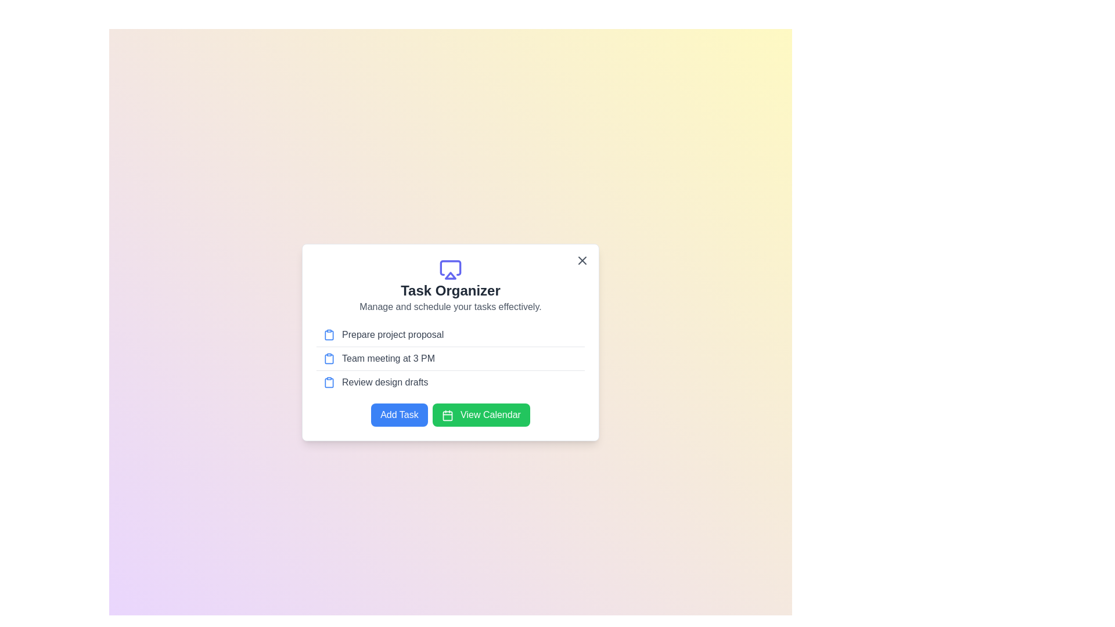 The width and height of the screenshot is (1115, 627). Describe the element at coordinates (384, 383) in the screenshot. I see `the text element displaying the task description 'Review design drafts', which is the third item in a vertically-stacked list in the task management interface` at that location.